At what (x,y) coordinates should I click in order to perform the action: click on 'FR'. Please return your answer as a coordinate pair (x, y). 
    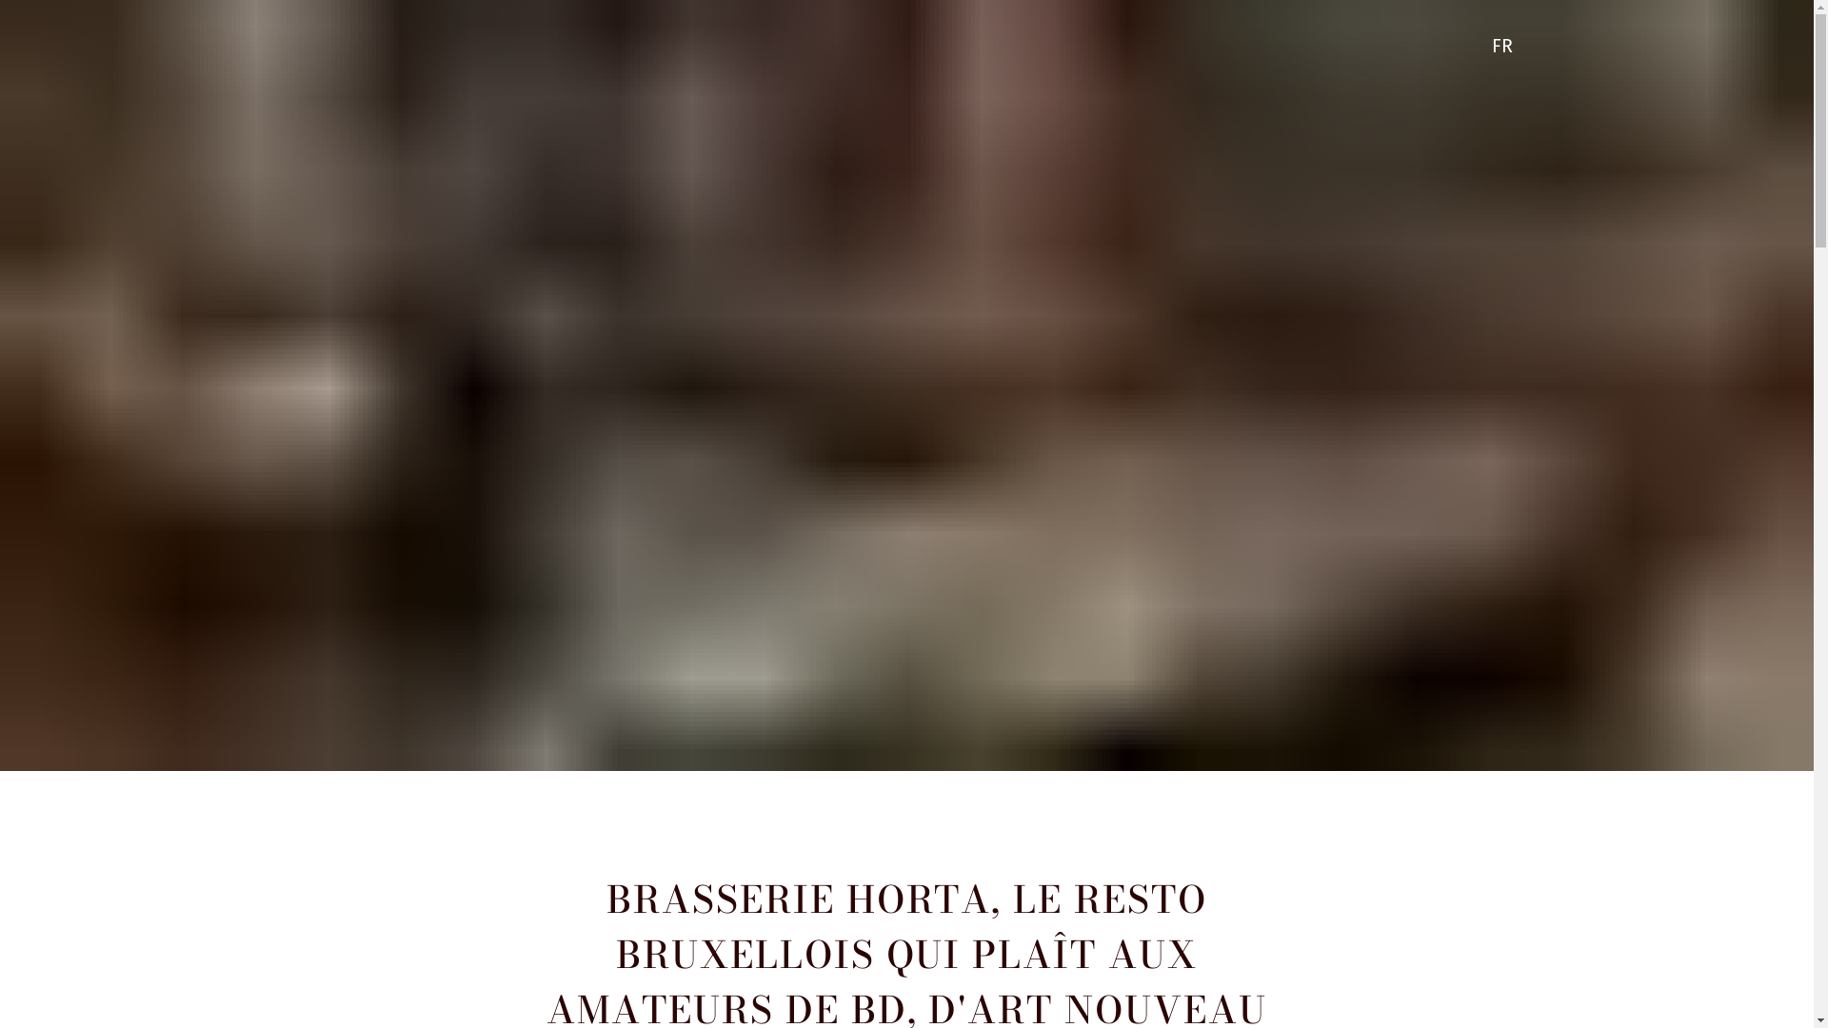
    Looking at the image, I should click on (1505, 46).